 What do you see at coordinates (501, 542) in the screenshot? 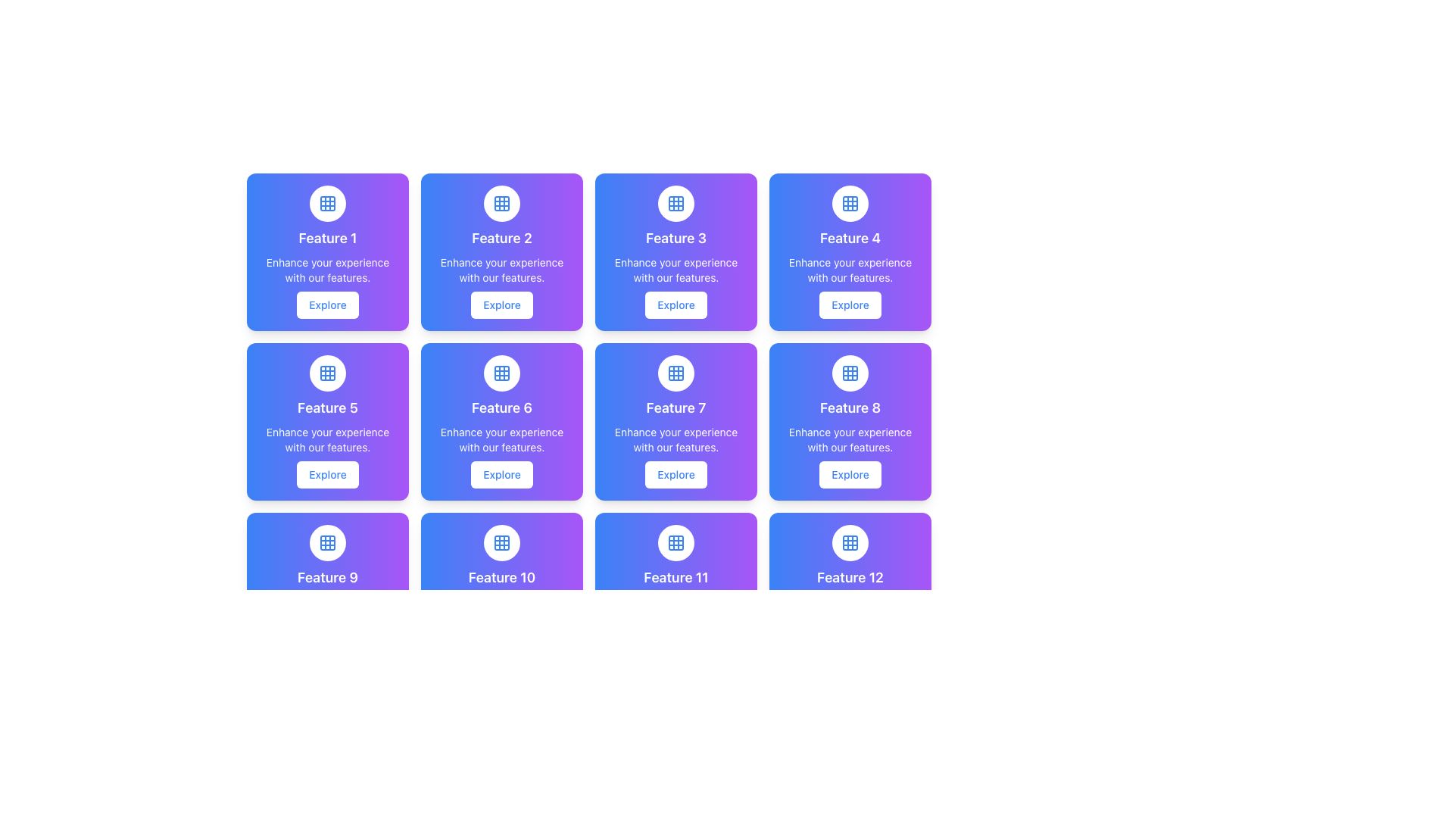
I see `the white circular icon with a blue grid design located within the purple-blue gradient-tinted box labeled 'Feature 10' in the third row and second column of the card grid` at bounding box center [501, 542].